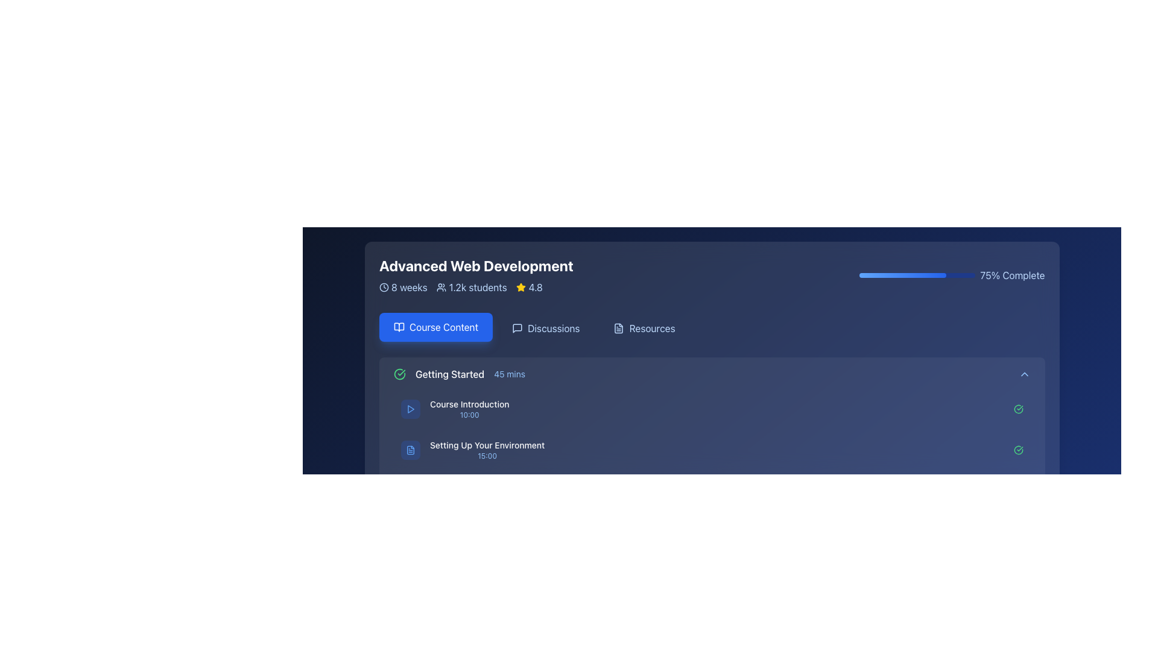  I want to click on the rating associated with the visual icon indicating a rating star located in the header section, positioned next to the student count and preceding the rating value '4.8', so click(521, 287).